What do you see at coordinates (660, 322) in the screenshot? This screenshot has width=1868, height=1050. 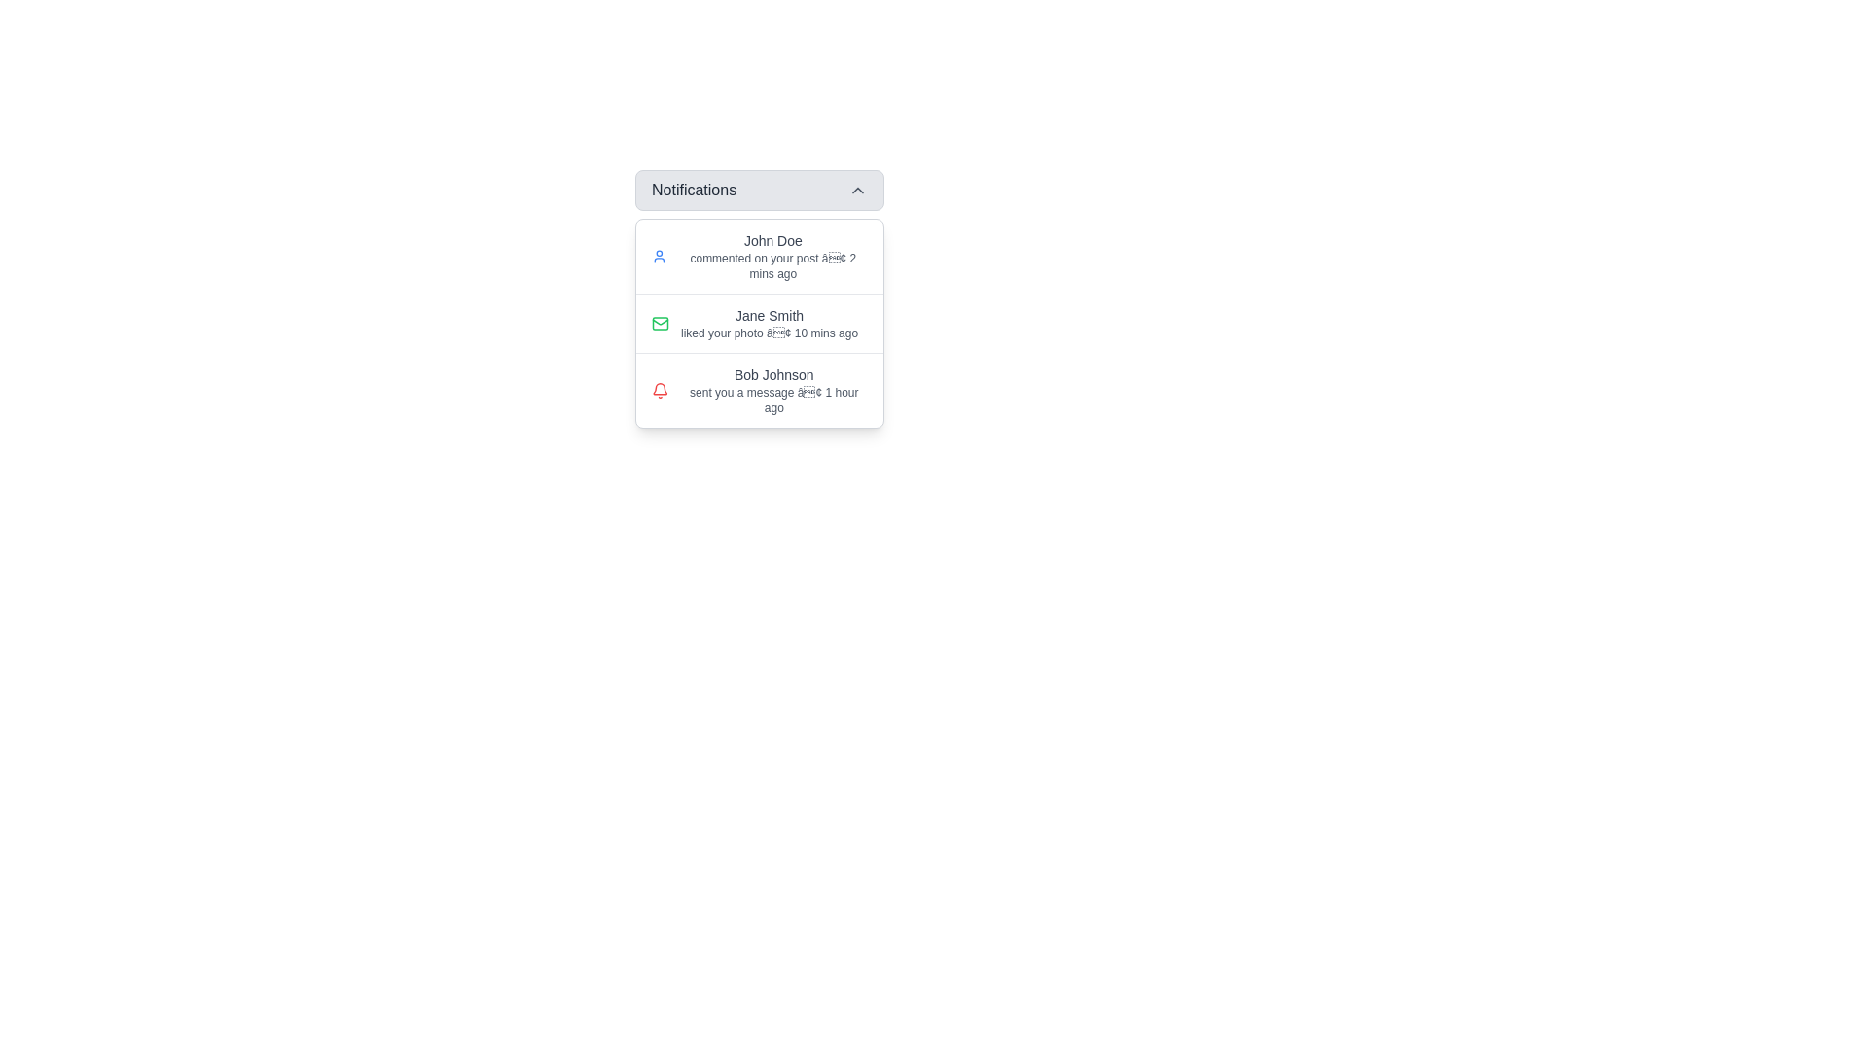 I see `the color and shape of the email-related notification icon located next to the text 'Jane Smith liked your photo 10 mins ago' in the second notification line under the 'Notifications' header` at bounding box center [660, 322].